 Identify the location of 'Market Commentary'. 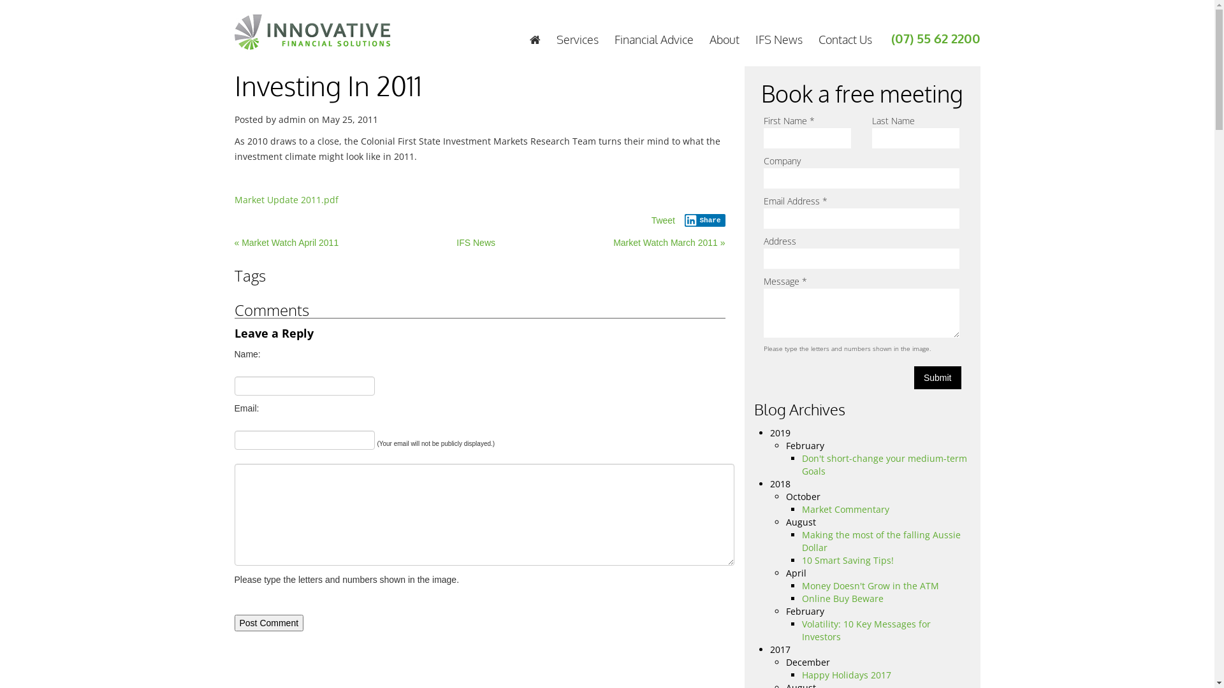
(845, 508).